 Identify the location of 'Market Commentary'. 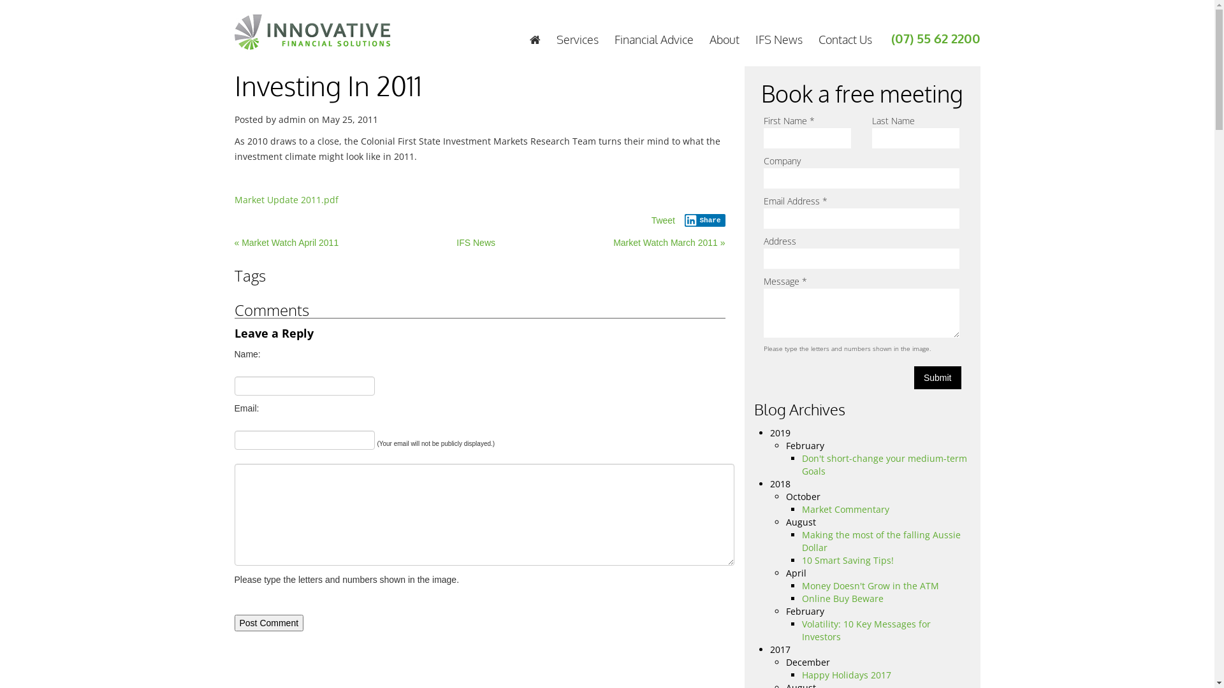
(845, 508).